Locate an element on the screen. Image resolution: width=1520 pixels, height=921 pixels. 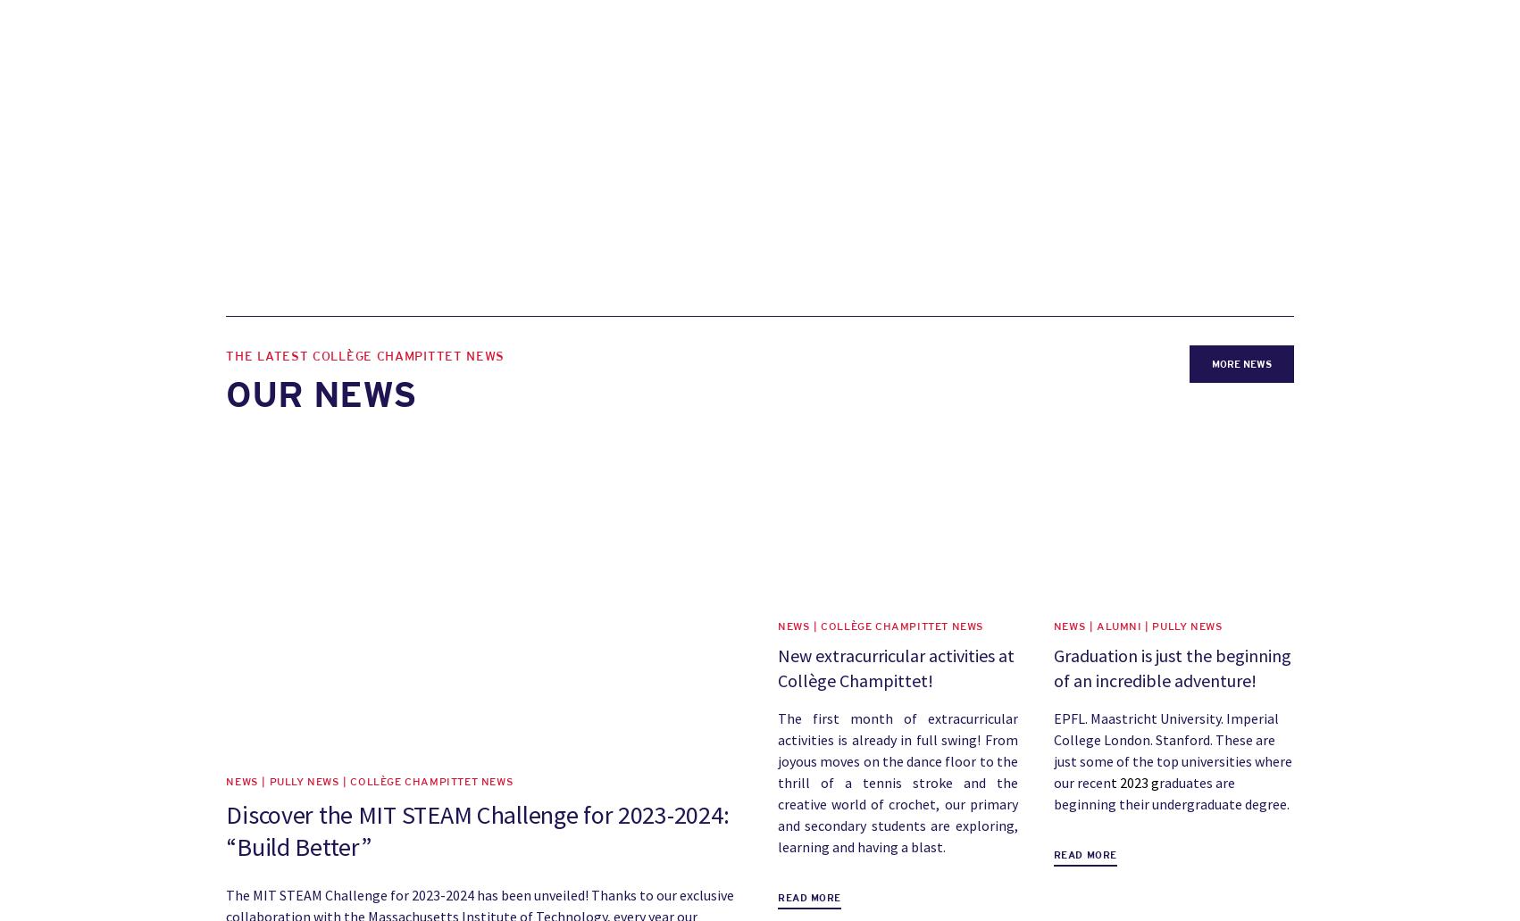
'The first month of extracurricular activities is already in full swing! From joyous moves on the dance floor to the thrill of a tennis stroke and the creative world of crochet, our primary and secondary students are exploring, learning and having a blast.' is located at coordinates (897, 782).